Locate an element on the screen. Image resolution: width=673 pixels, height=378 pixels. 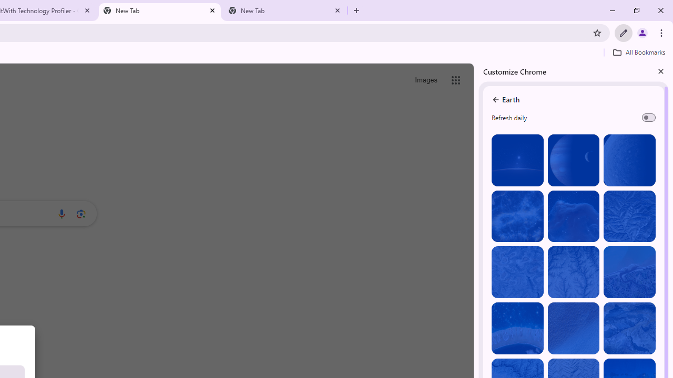
'Refresh daily' is located at coordinates (648, 117).